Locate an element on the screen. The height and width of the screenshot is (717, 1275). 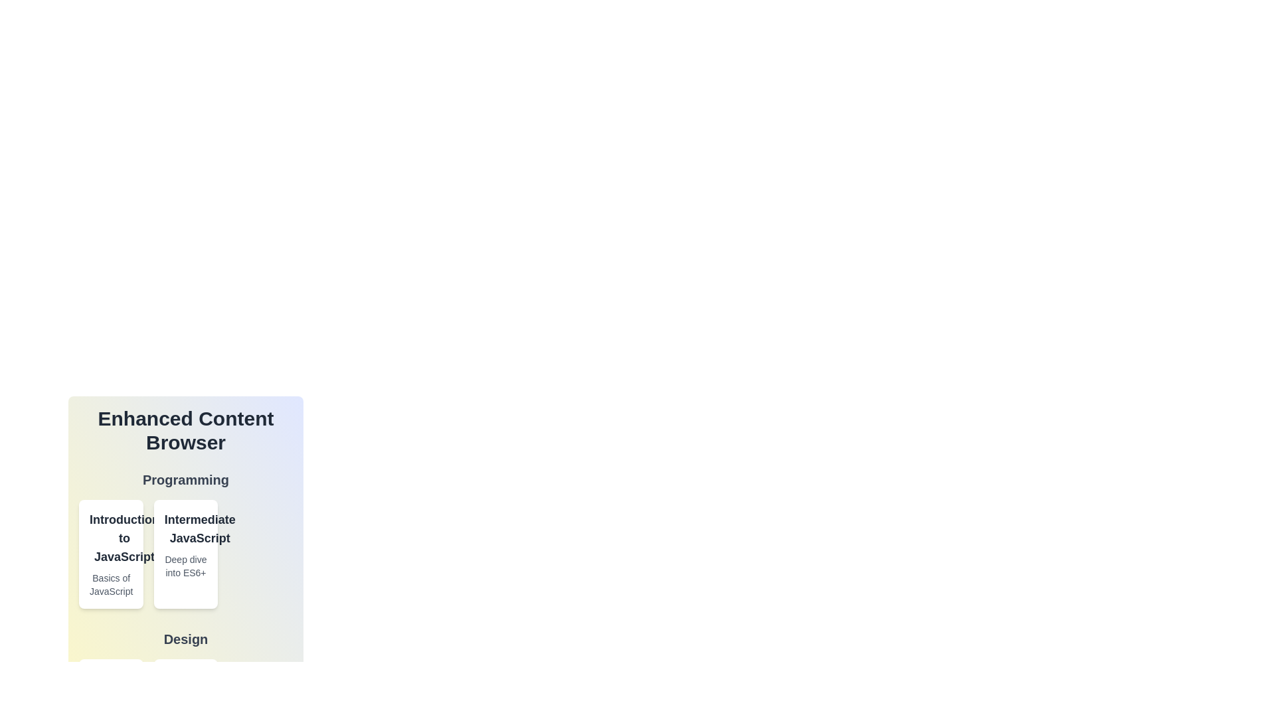
the category title Programming to focus on its items is located at coordinates (185, 479).